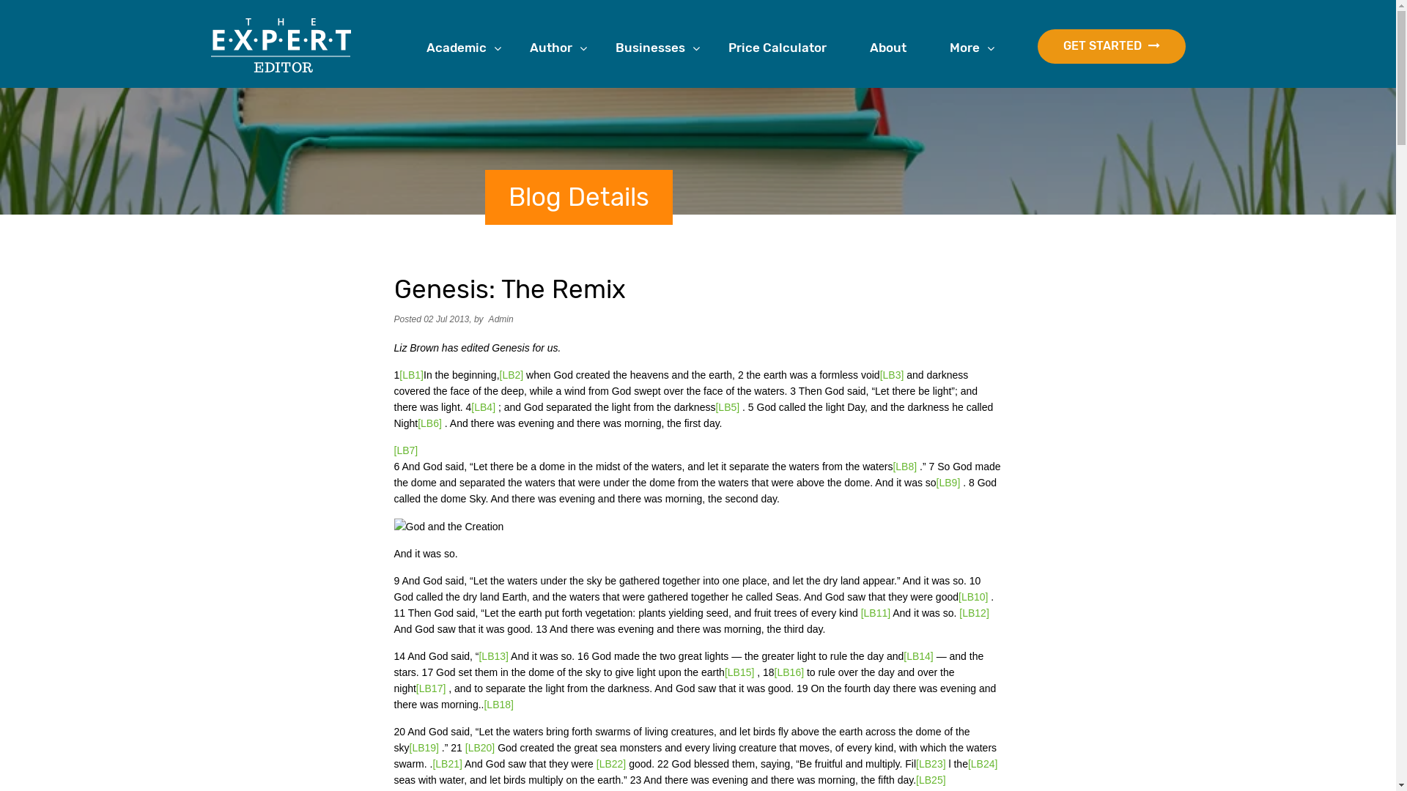 This screenshot has height=791, width=1407. Describe the element at coordinates (930, 762) in the screenshot. I see `'[LB23]'` at that location.